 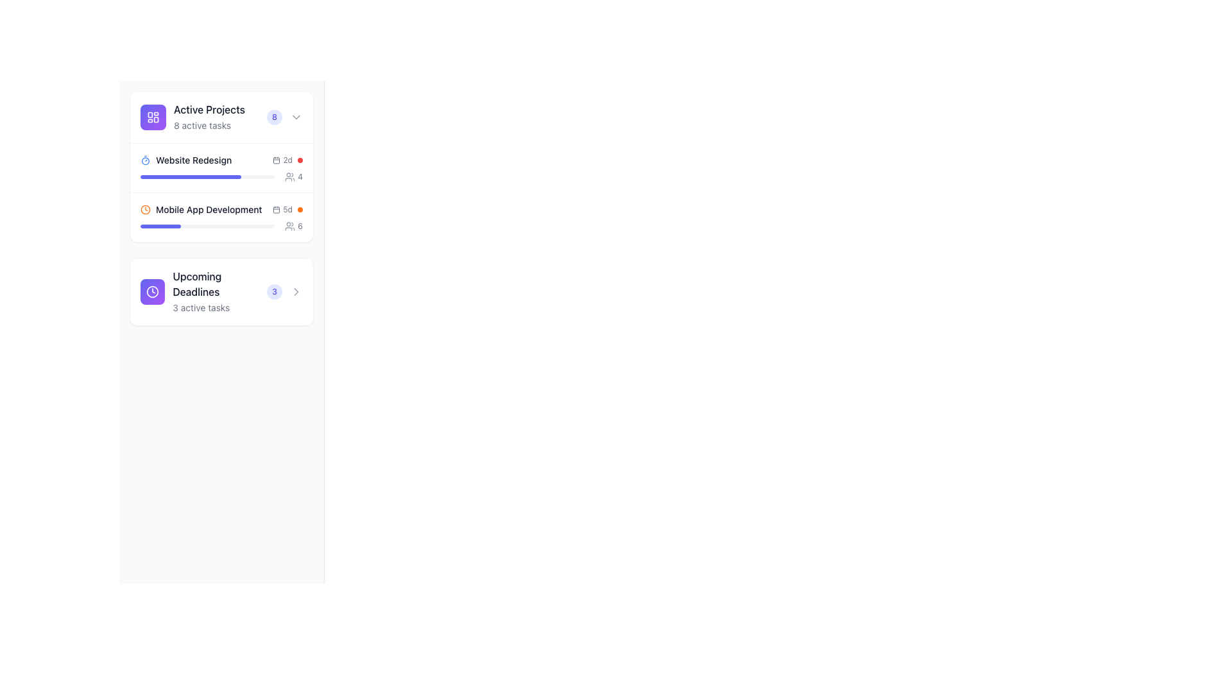 I want to click on the Static Text Label that identifies the section as 'Active Projects', which is positioned as the header above the smaller text description '8 active tasks', so click(x=209, y=108).